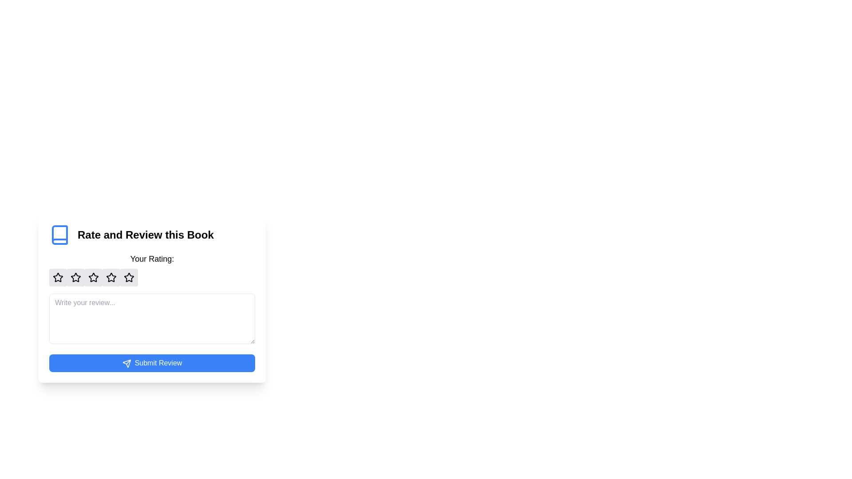  Describe the element at coordinates (76, 277) in the screenshot. I see `the second star icon in the rating component` at that location.